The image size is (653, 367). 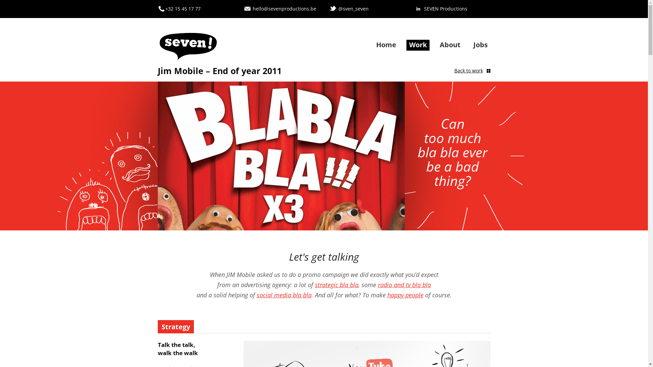 What do you see at coordinates (454, 71) in the screenshot?
I see `'Back to work'` at bounding box center [454, 71].